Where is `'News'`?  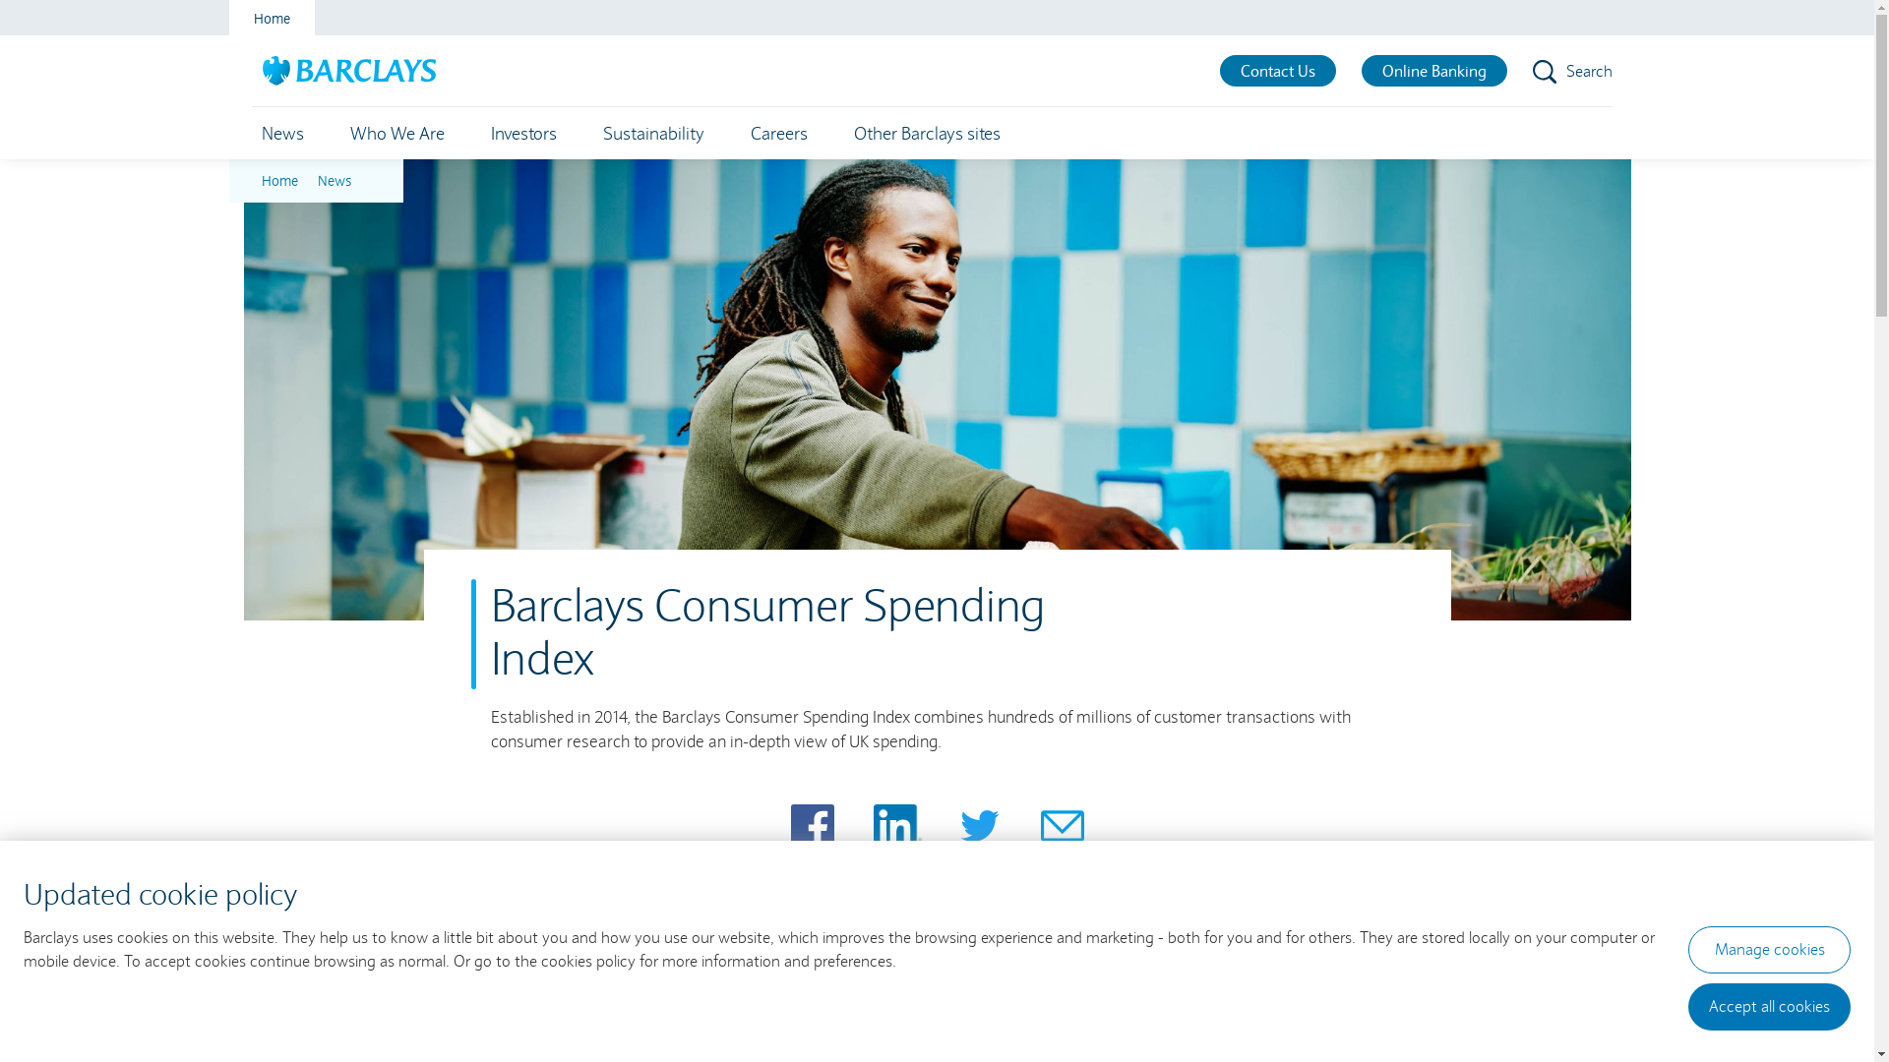
'News' is located at coordinates (281, 133).